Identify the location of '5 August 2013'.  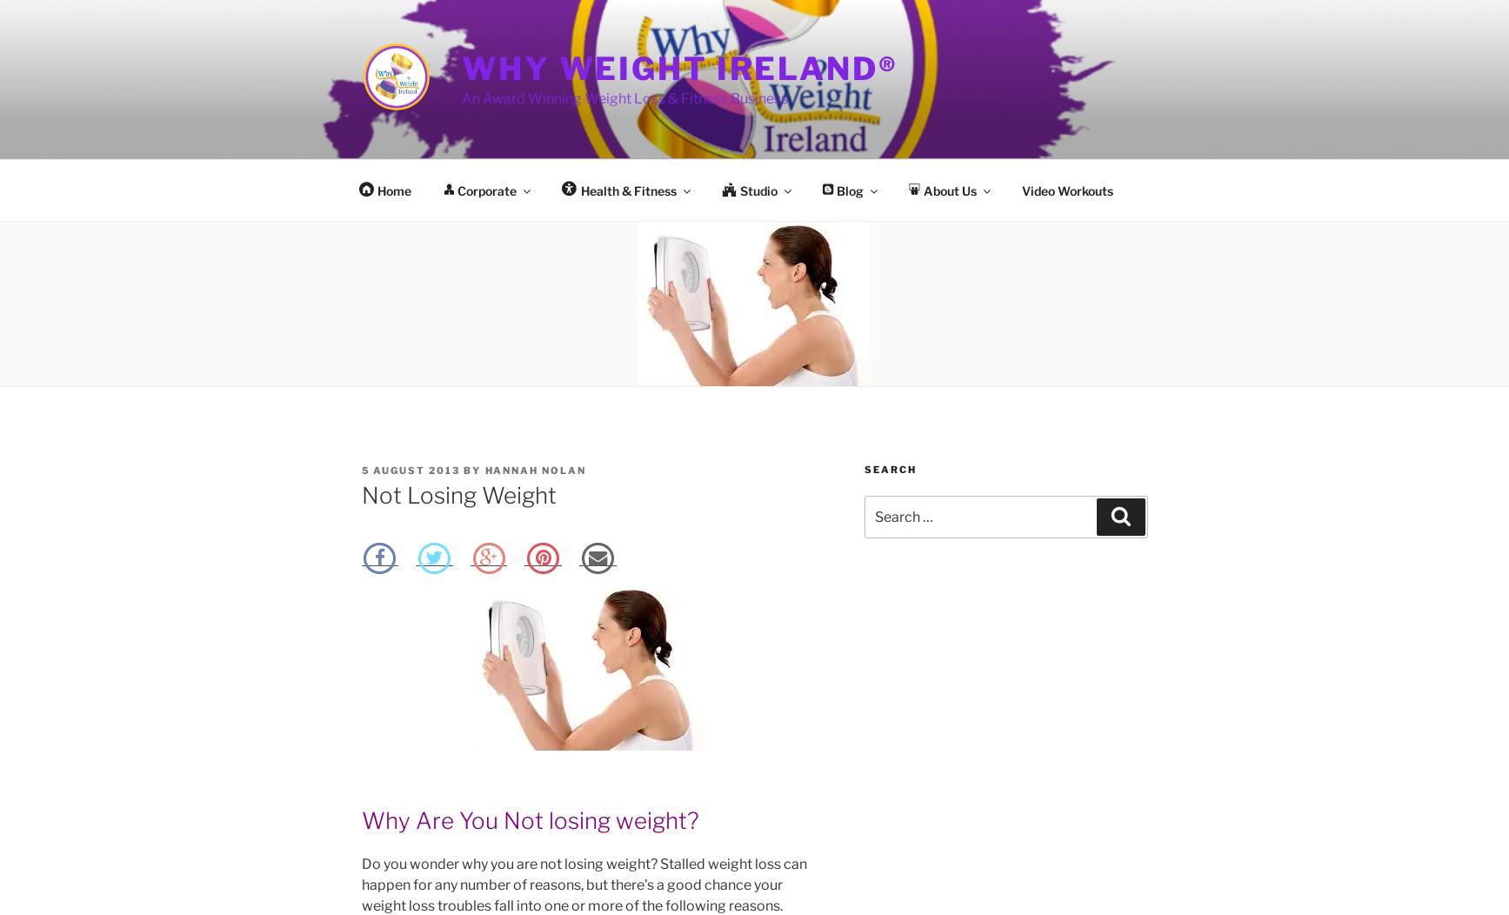
(410, 471).